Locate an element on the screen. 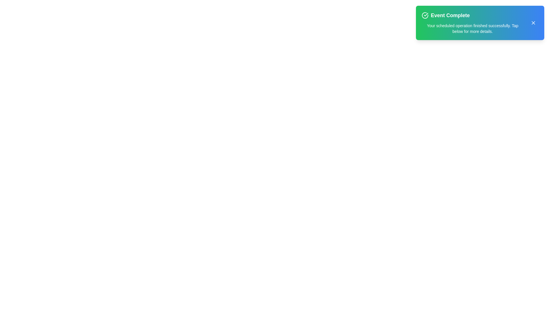 This screenshot has width=550, height=309. the close button of the notification to close it is located at coordinates (533, 23).